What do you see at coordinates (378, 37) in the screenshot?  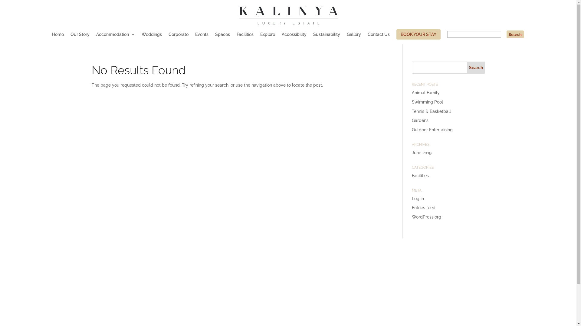 I see `'Contact Us'` at bounding box center [378, 37].